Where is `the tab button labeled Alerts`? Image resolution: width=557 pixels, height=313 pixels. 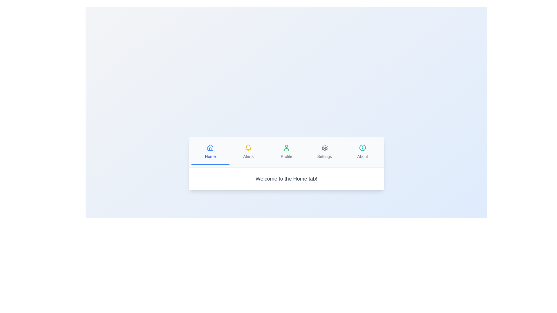 the tab button labeled Alerts is located at coordinates (248, 152).